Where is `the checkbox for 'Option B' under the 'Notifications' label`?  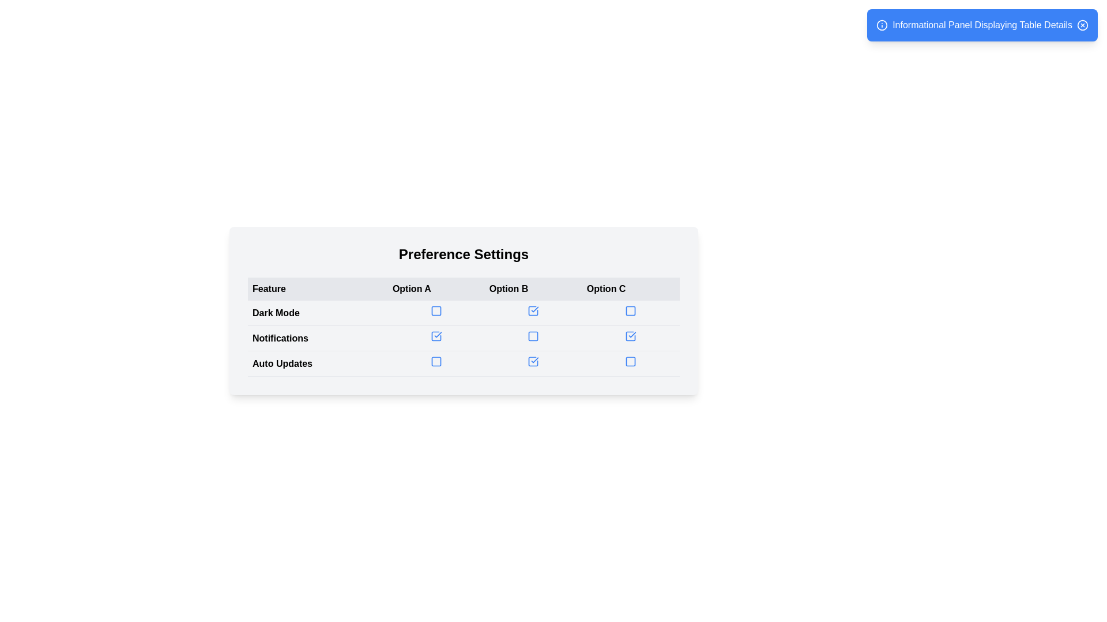
the checkbox for 'Option B' under the 'Notifications' label is located at coordinates (533, 337).